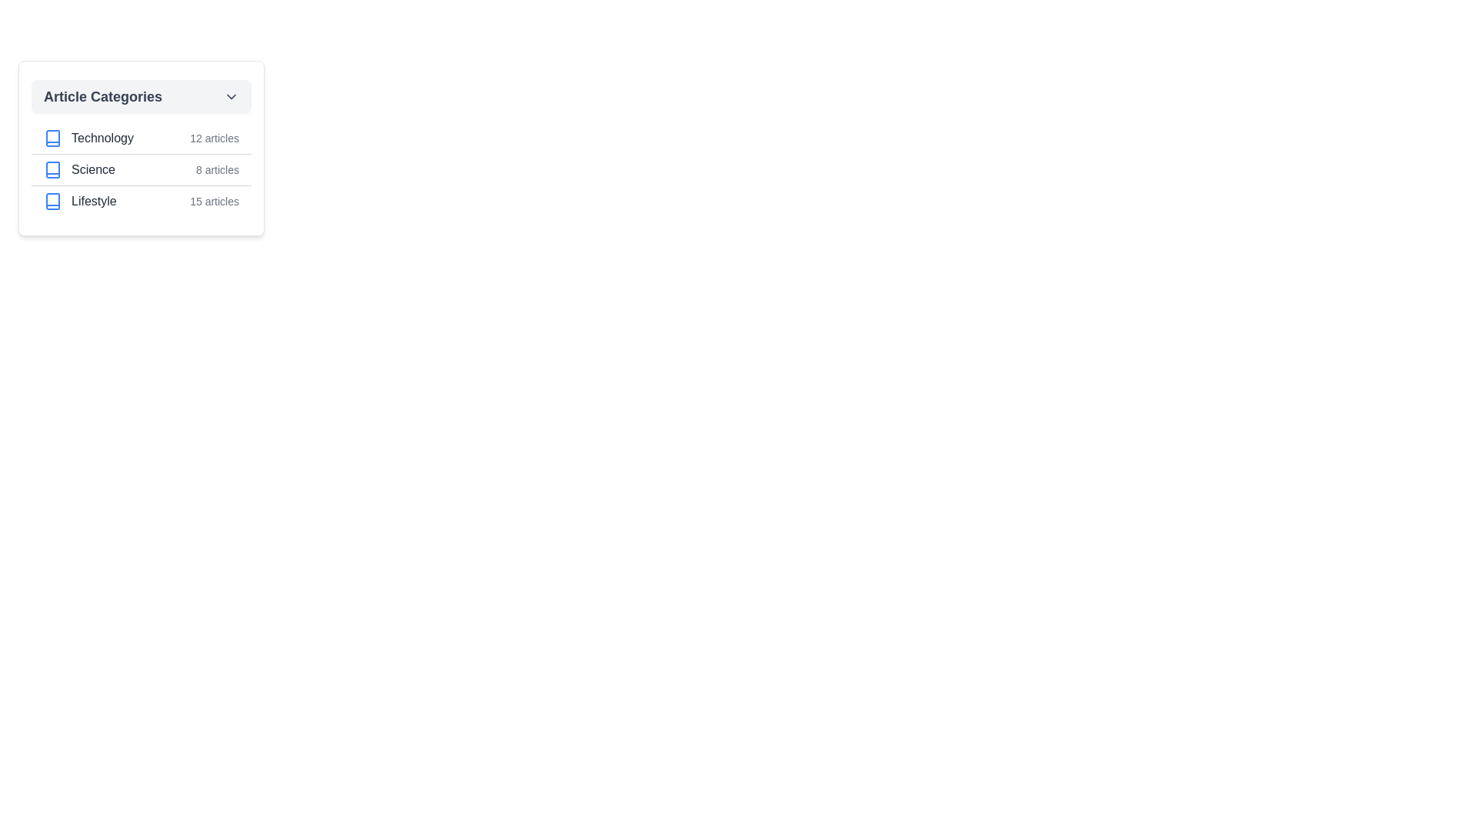 Image resolution: width=1477 pixels, height=831 pixels. I want to click on the blue book icon located to the left of the text 'Science' in the second row of the category list, so click(52, 169).